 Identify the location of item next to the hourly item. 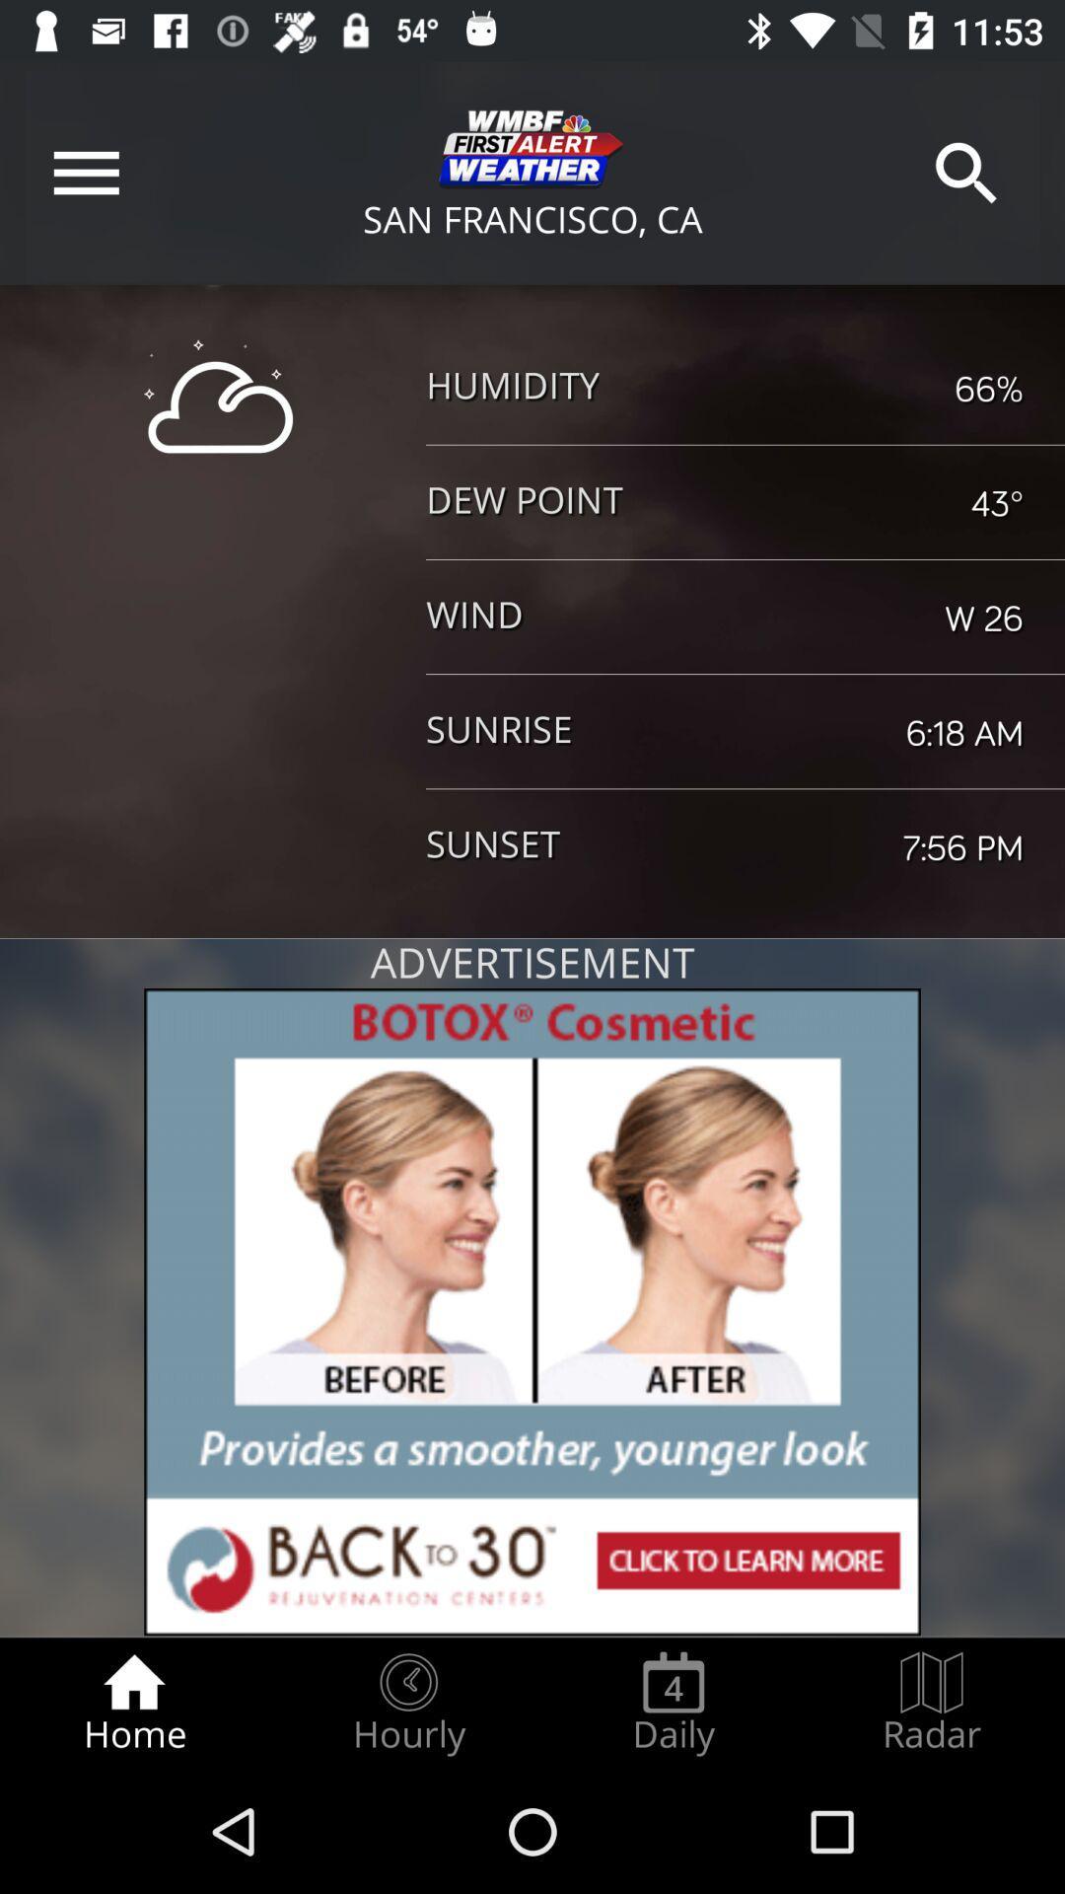
(133, 1703).